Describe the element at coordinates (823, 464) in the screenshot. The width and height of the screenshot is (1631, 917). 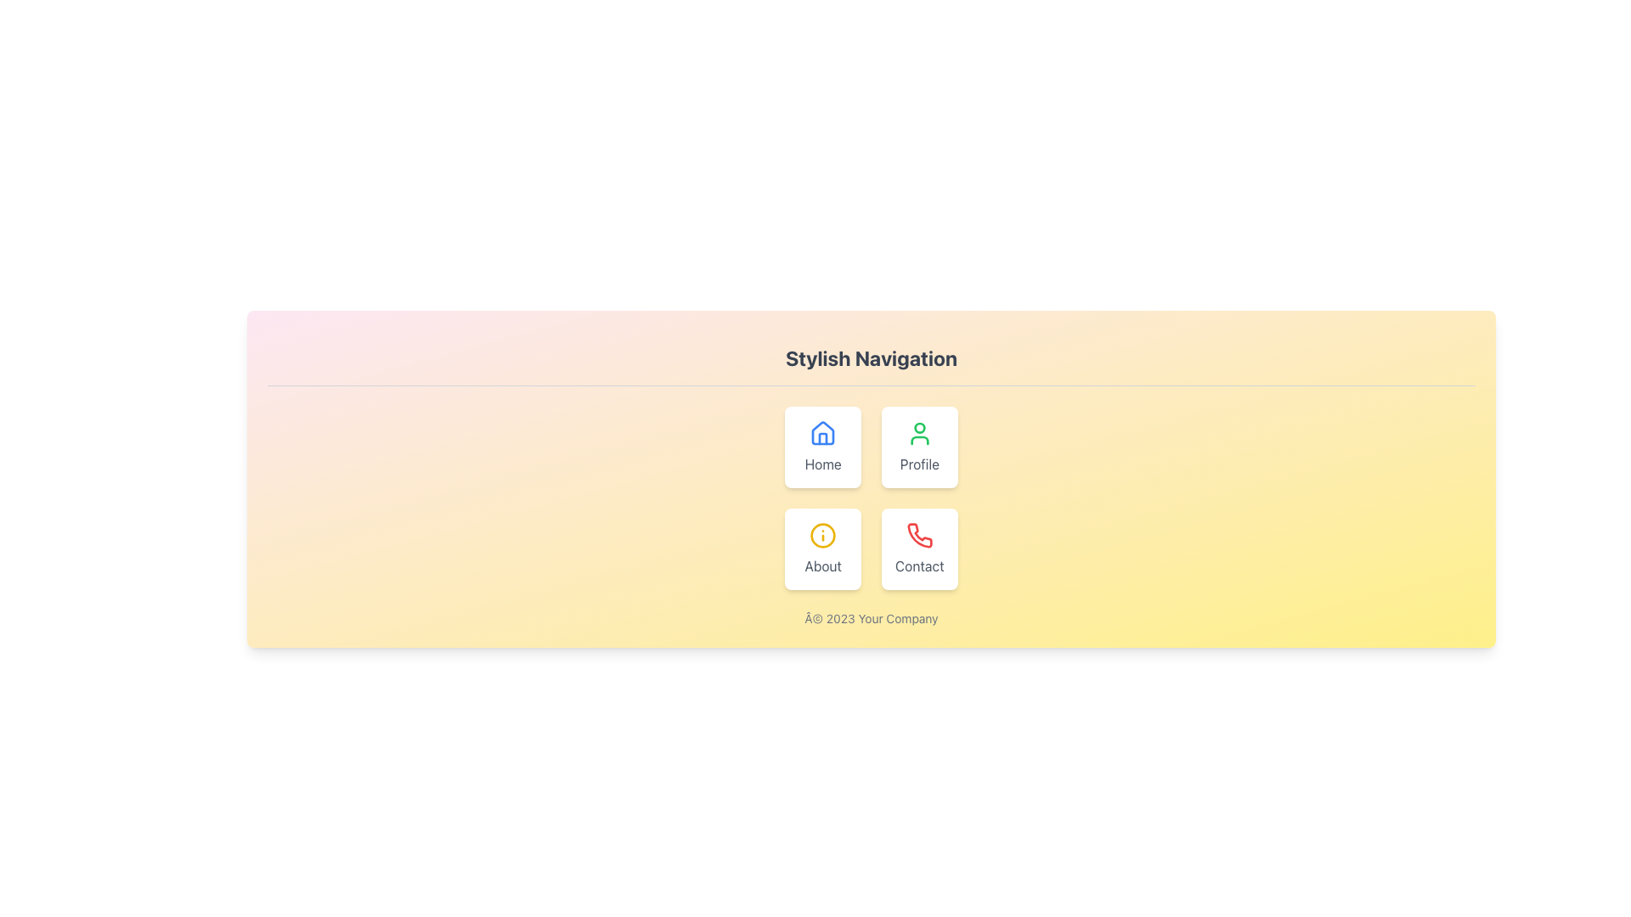
I see `the 'Home' label located inside a white card, positioned below the blue house icon in a 2x2 grid layout` at that location.